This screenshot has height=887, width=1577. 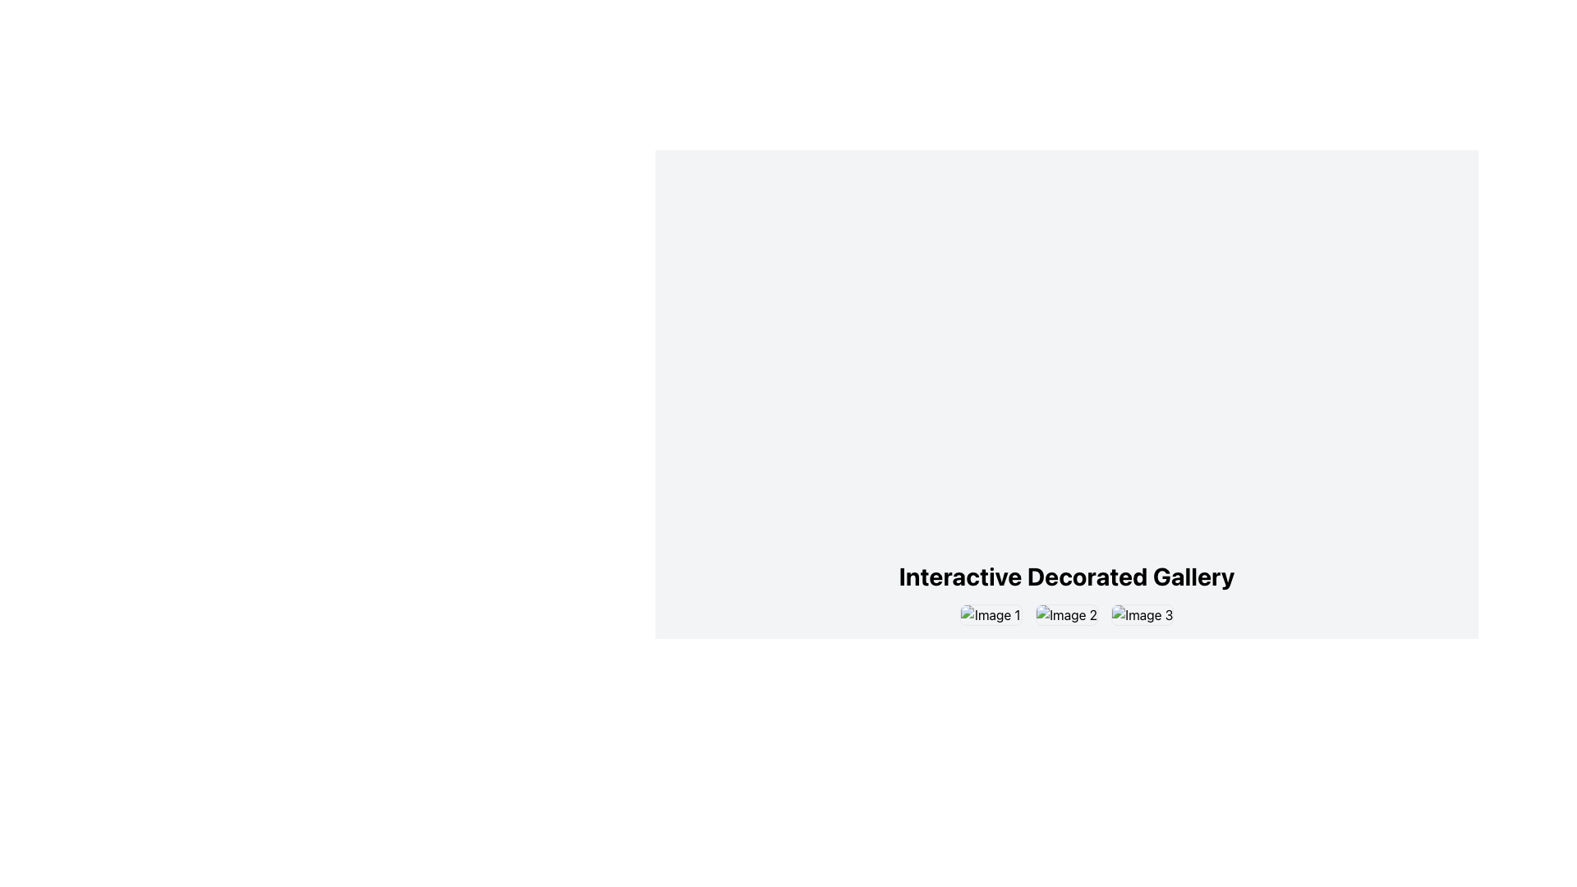 I want to click on image placeholder labeled 'Image 1' located in the 'Interactive Decorated Gallery' section, so click(x=990, y=614).